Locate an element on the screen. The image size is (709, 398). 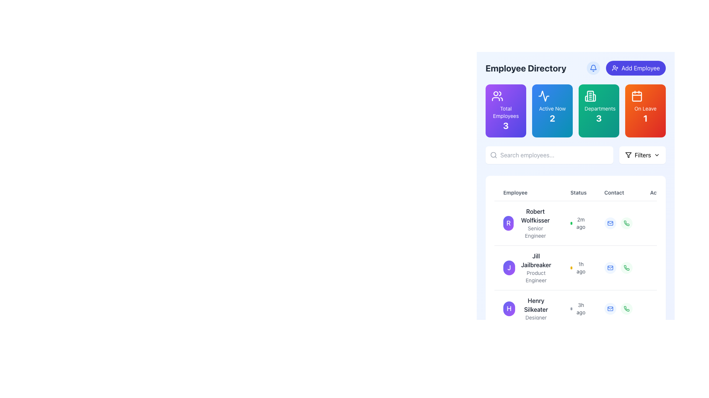
the text block displaying the name of the employee located in the third row of the employee directory, positioned below 'Robert Wolfkisser' and 'Jill Jailbreaker' is located at coordinates (536, 305).